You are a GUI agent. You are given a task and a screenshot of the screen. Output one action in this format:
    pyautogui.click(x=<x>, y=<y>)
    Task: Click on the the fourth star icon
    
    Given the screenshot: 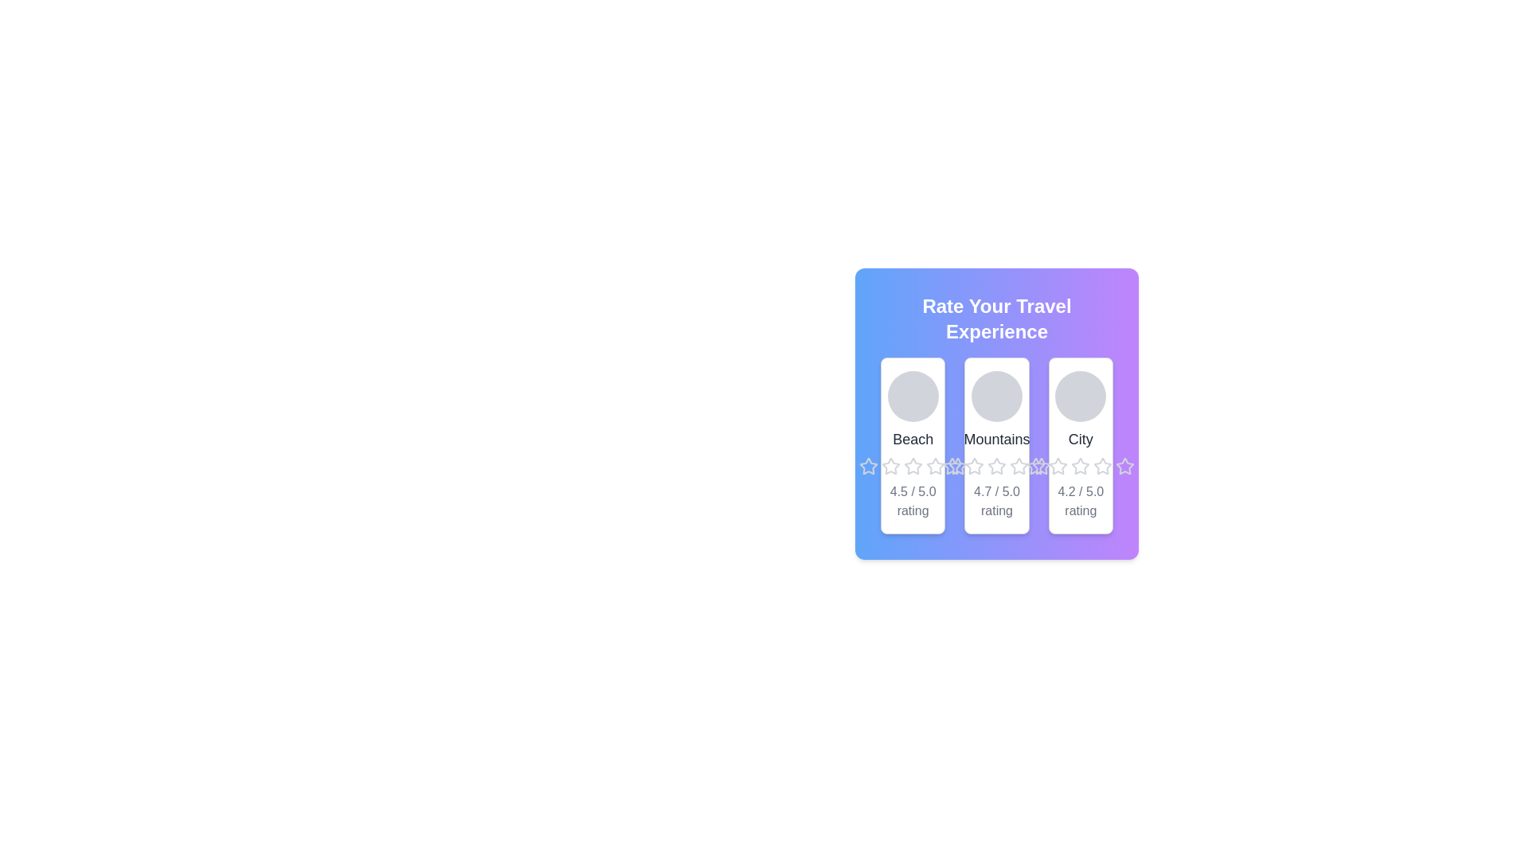 What is the action you would take?
    pyautogui.click(x=996, y=466)
    